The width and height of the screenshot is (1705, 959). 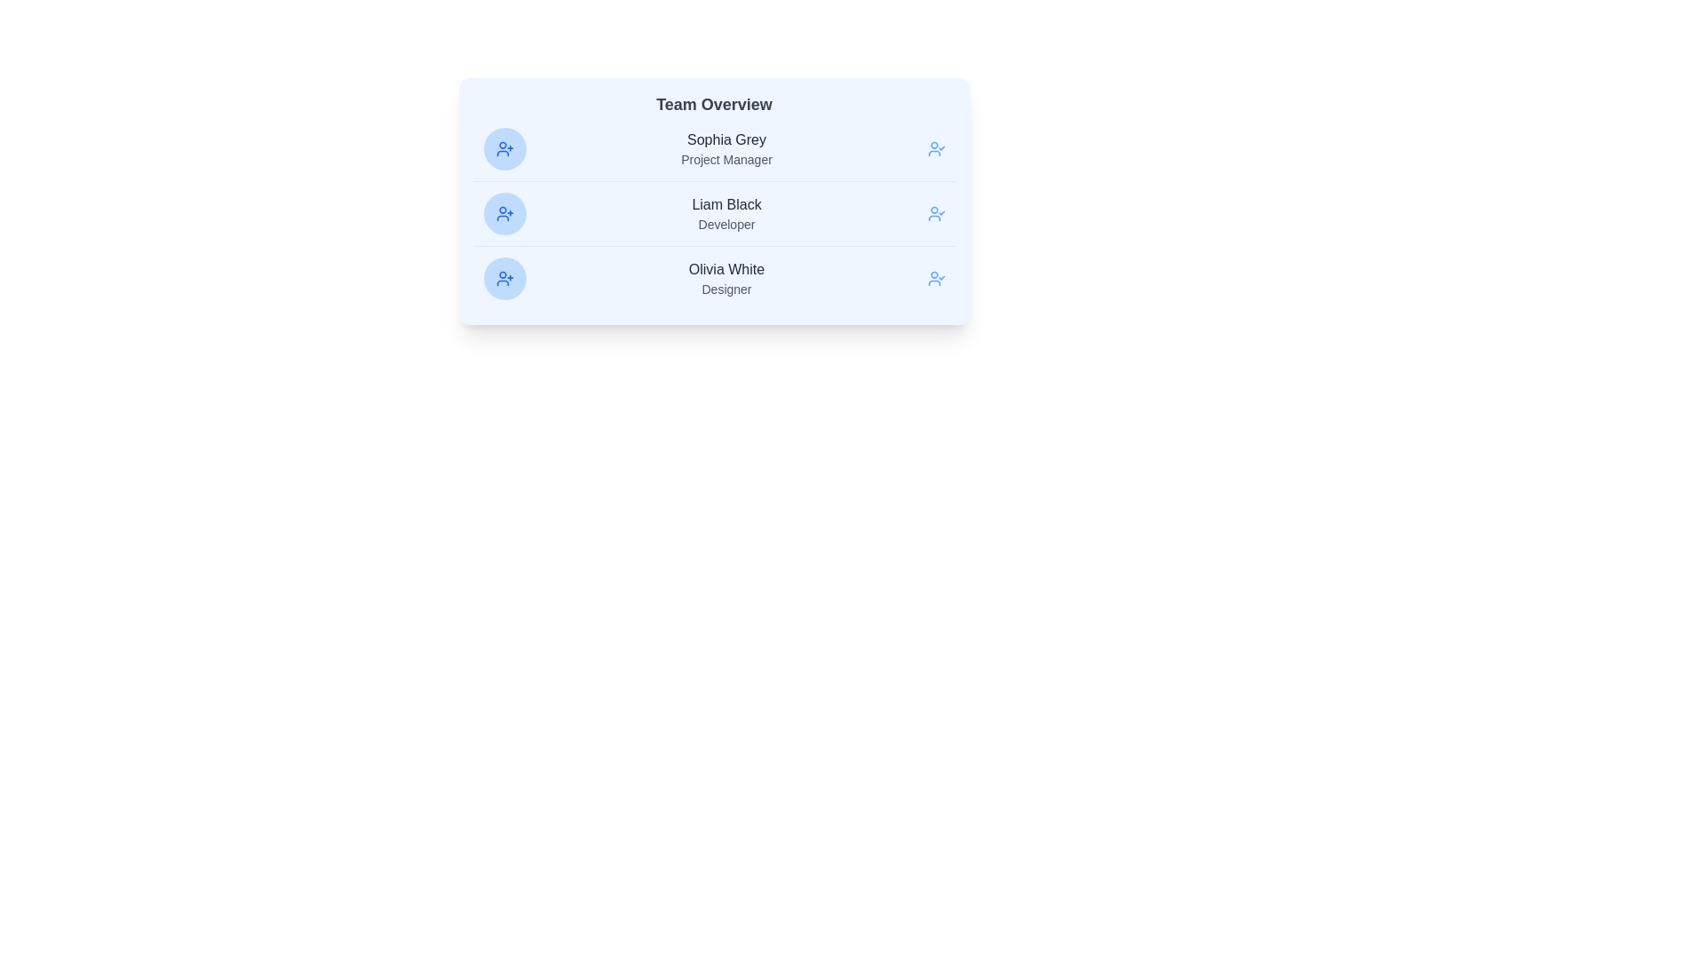 I want to click on the Text Label indicating the job title or role of the person named above it, positioned directly below 'Sophia Grey', so click(x=726, y=160).